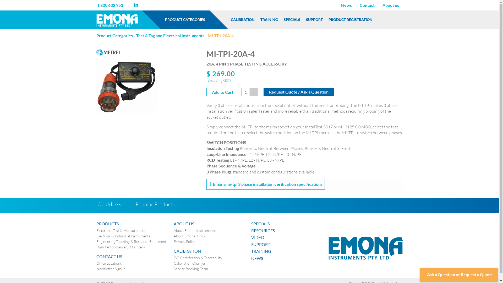 The width and height of the screenshot is (503, 283). Describe the element at coordinates (173, 263) in the screenshot. I see `'Calibration Charges'` at that location.